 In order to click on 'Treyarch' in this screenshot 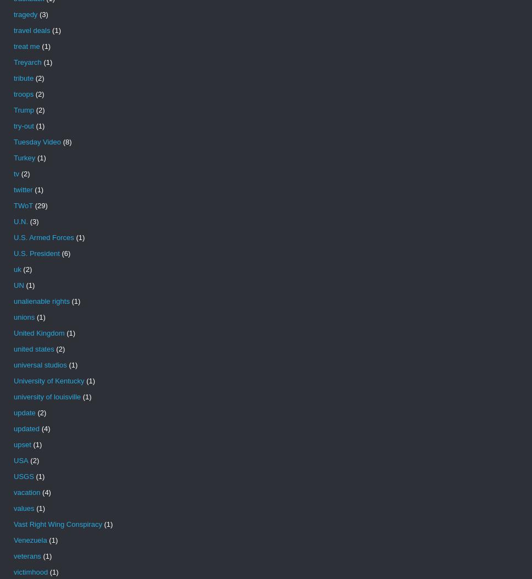, I will do `click(27, 62)`.